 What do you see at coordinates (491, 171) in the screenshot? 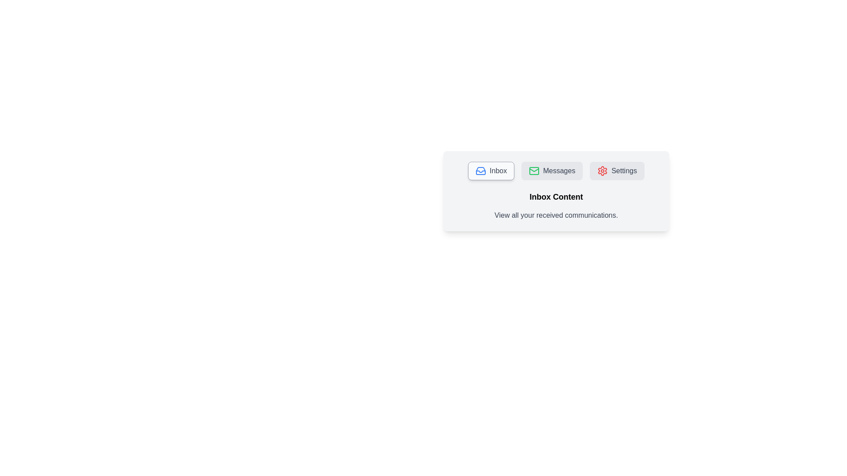
I see `the Inbox tab by clicking on its respective button` at bounding box center [491, 171].